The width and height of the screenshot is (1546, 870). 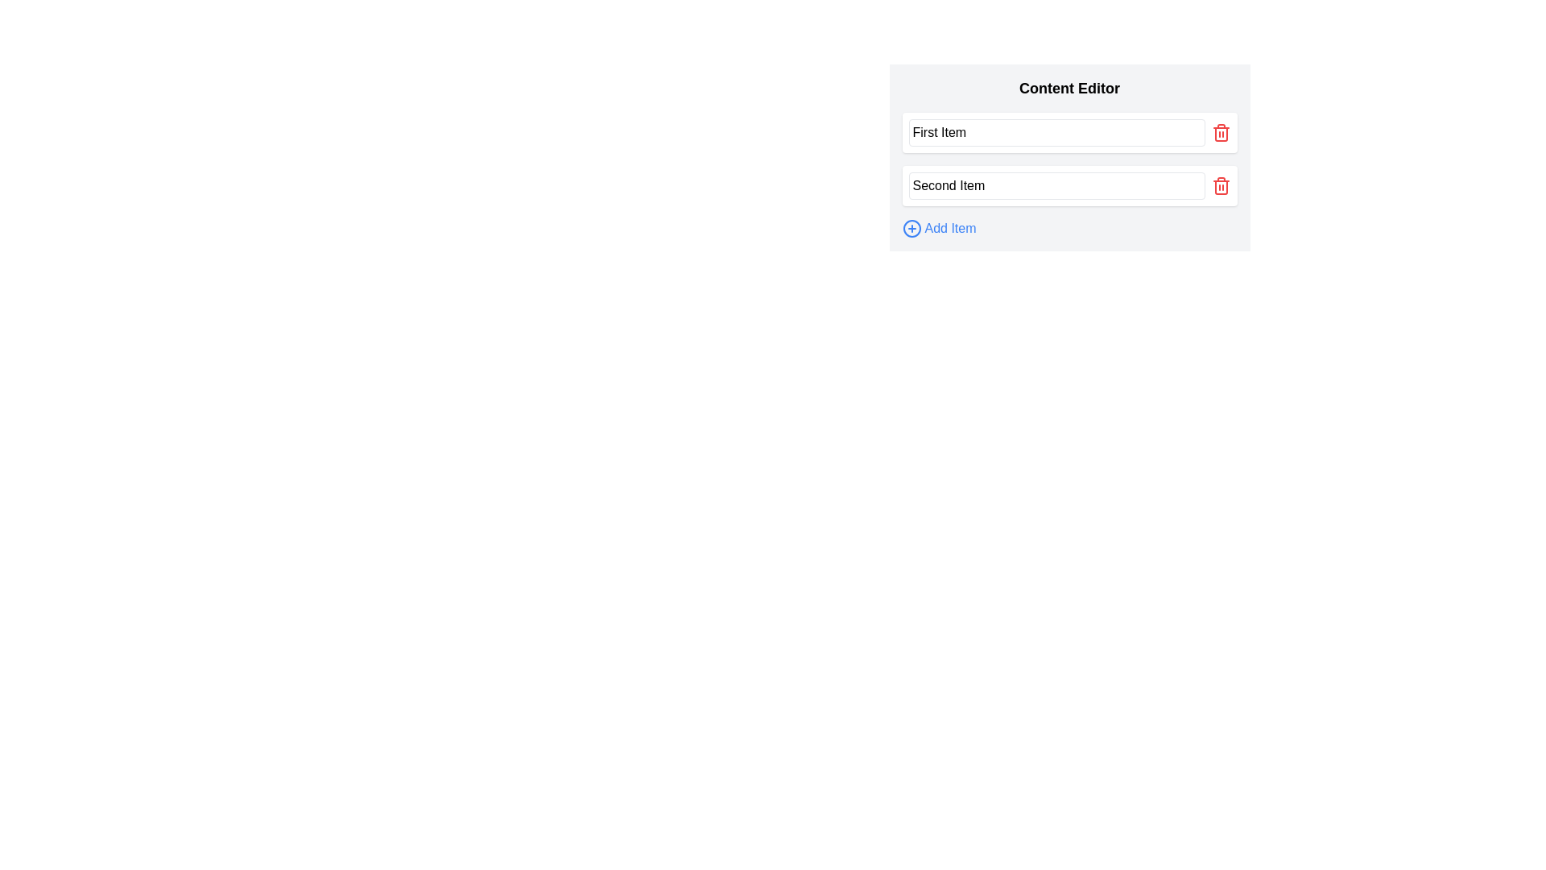 What do you see at coordinates (911, 229) in the screenshot?
I see `the circular plus icon used for adding new items, located at the bottom of the content editor panel, adjacent to the 'Add Item' text label` at bounding box center [911, 229].